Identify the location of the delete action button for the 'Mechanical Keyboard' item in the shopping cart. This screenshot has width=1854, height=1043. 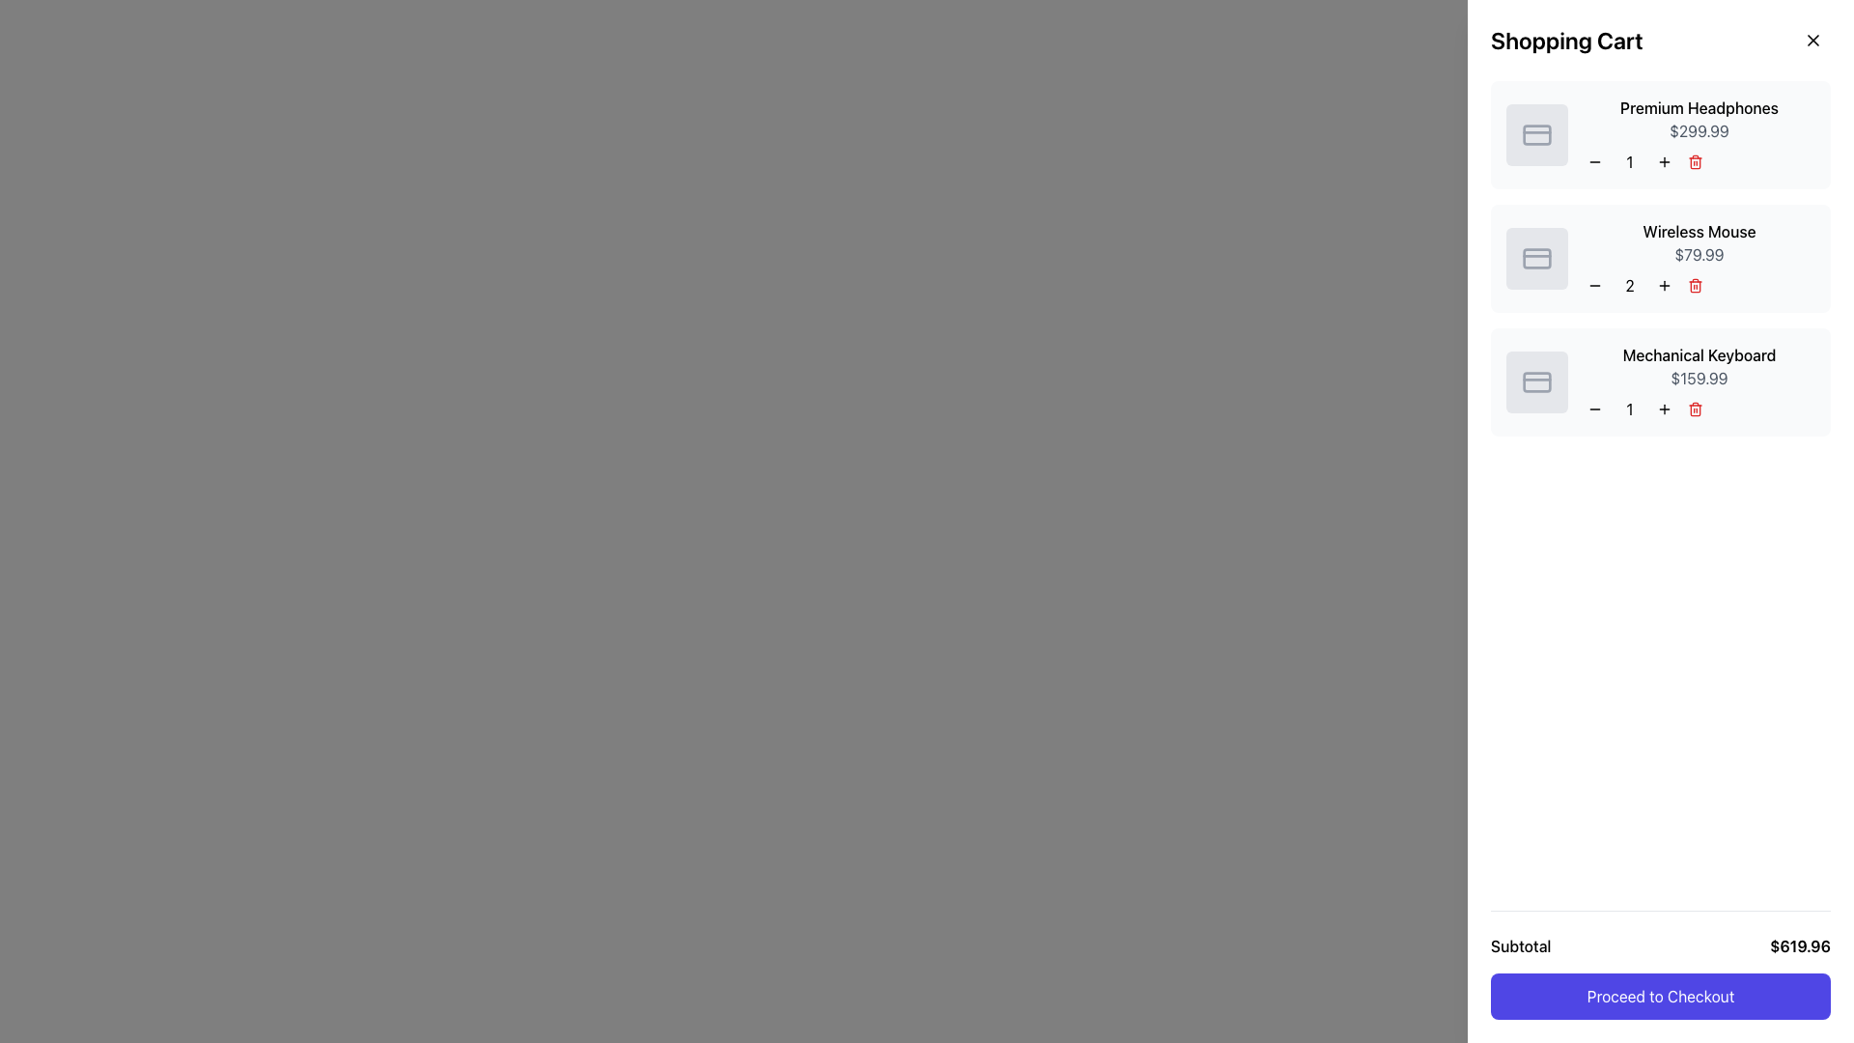
(1695, 409).